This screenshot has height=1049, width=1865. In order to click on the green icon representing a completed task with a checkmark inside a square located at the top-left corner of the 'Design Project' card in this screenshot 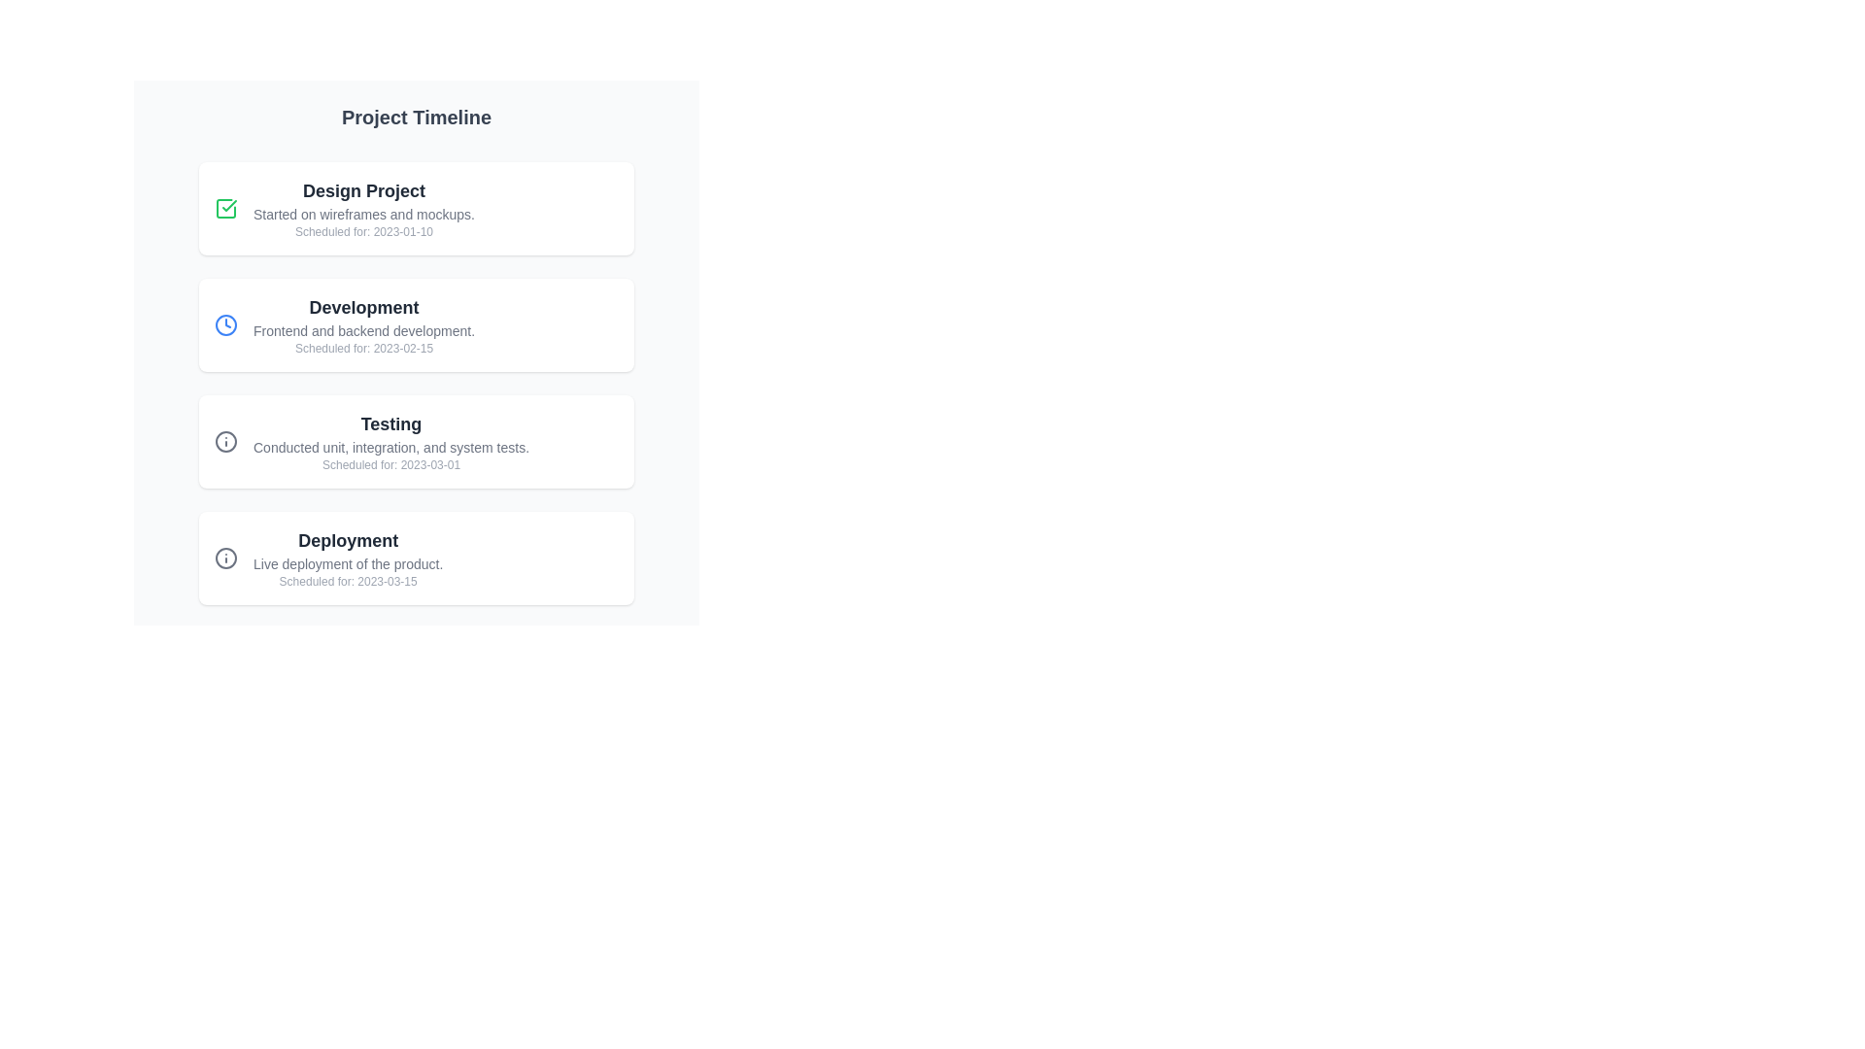, I will do `click(226, 209)`.